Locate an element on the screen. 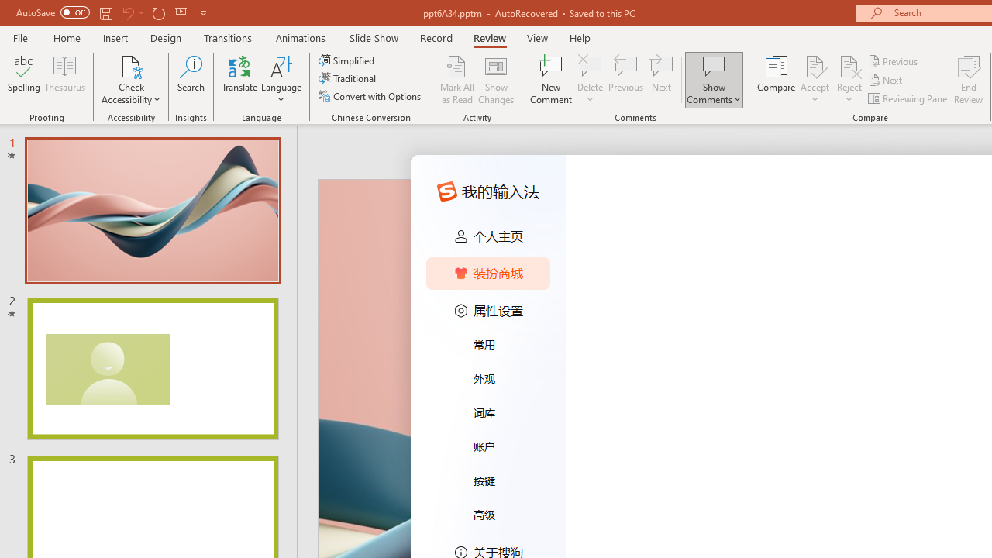  'Convert with Options...' is located at coordinates (370, 96).